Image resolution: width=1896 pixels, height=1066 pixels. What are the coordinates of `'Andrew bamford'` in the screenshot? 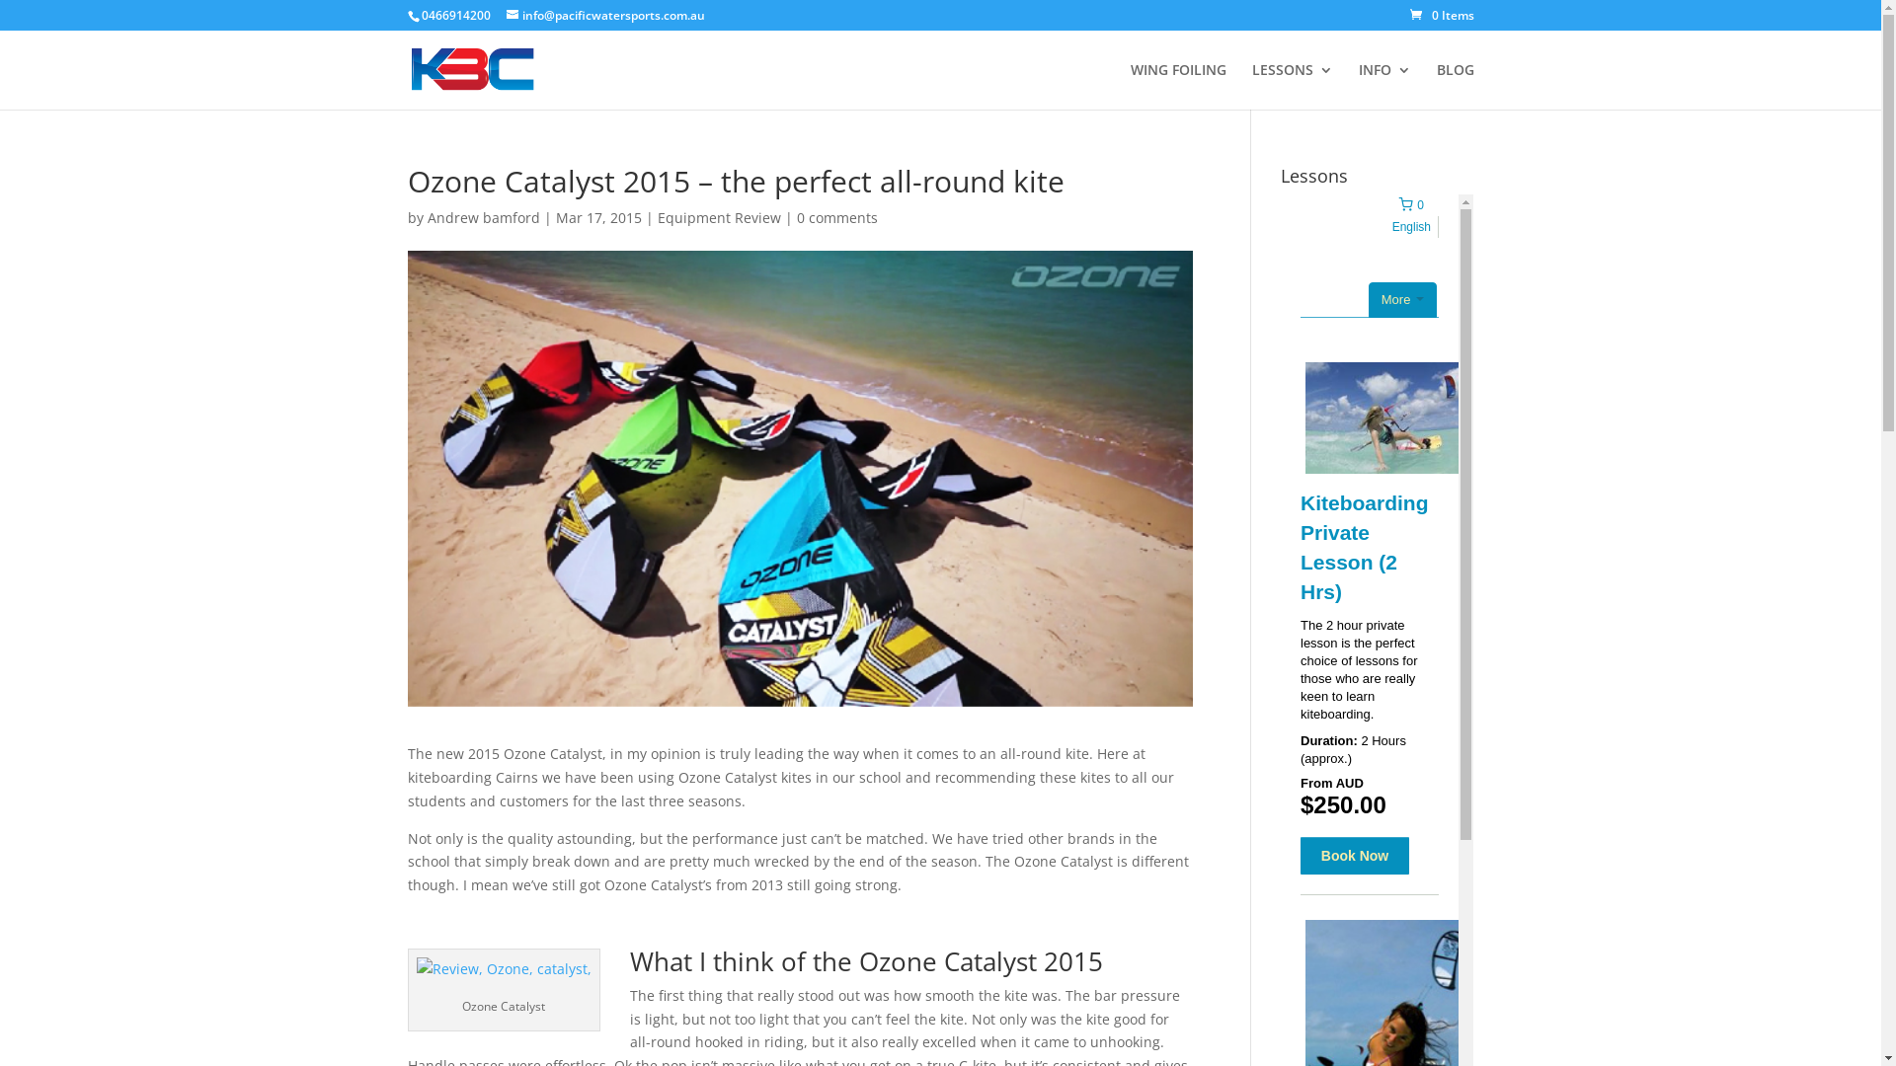 It's located at (483, 217).